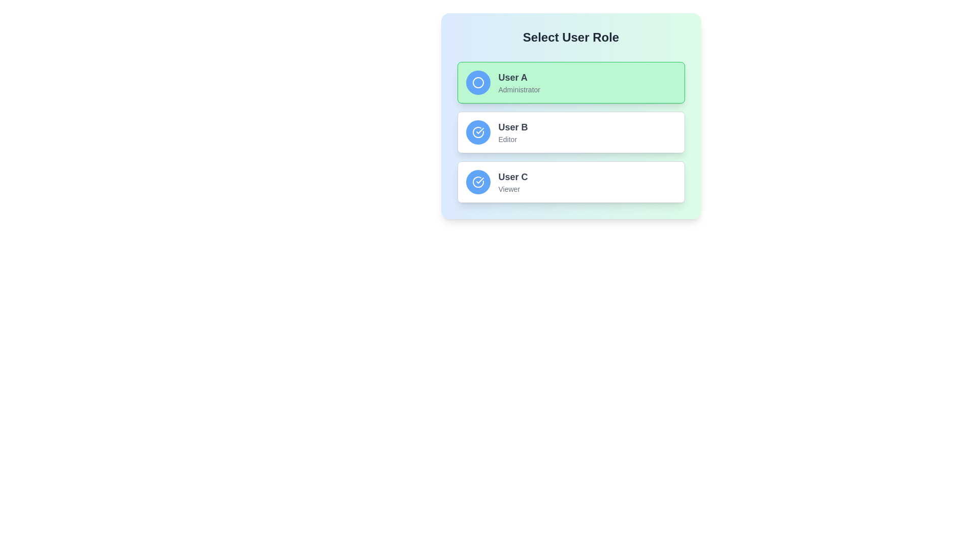  Describe the element at coordinates (477, 181) in the screenshot. I see `the circular icon with a checkmark symbol, which has a blue background and white border, located beside the text 'User B' in the list of user role options` at that location.